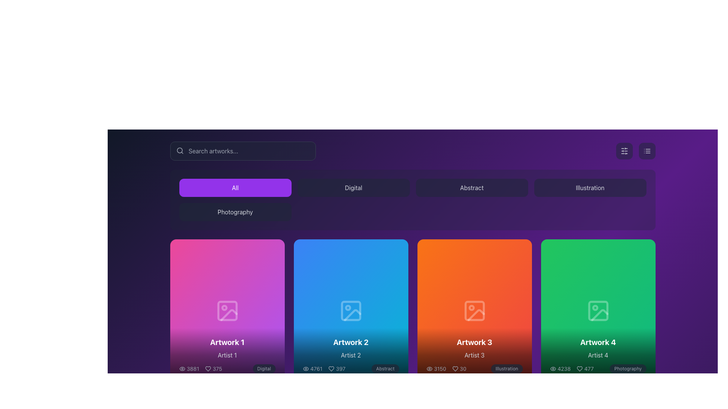  Describe the element at coordinates (227, 311) in the screenshot. I see `the metrics of the first artwork display card located at the top-left corner of the grid to get more information` at that location.